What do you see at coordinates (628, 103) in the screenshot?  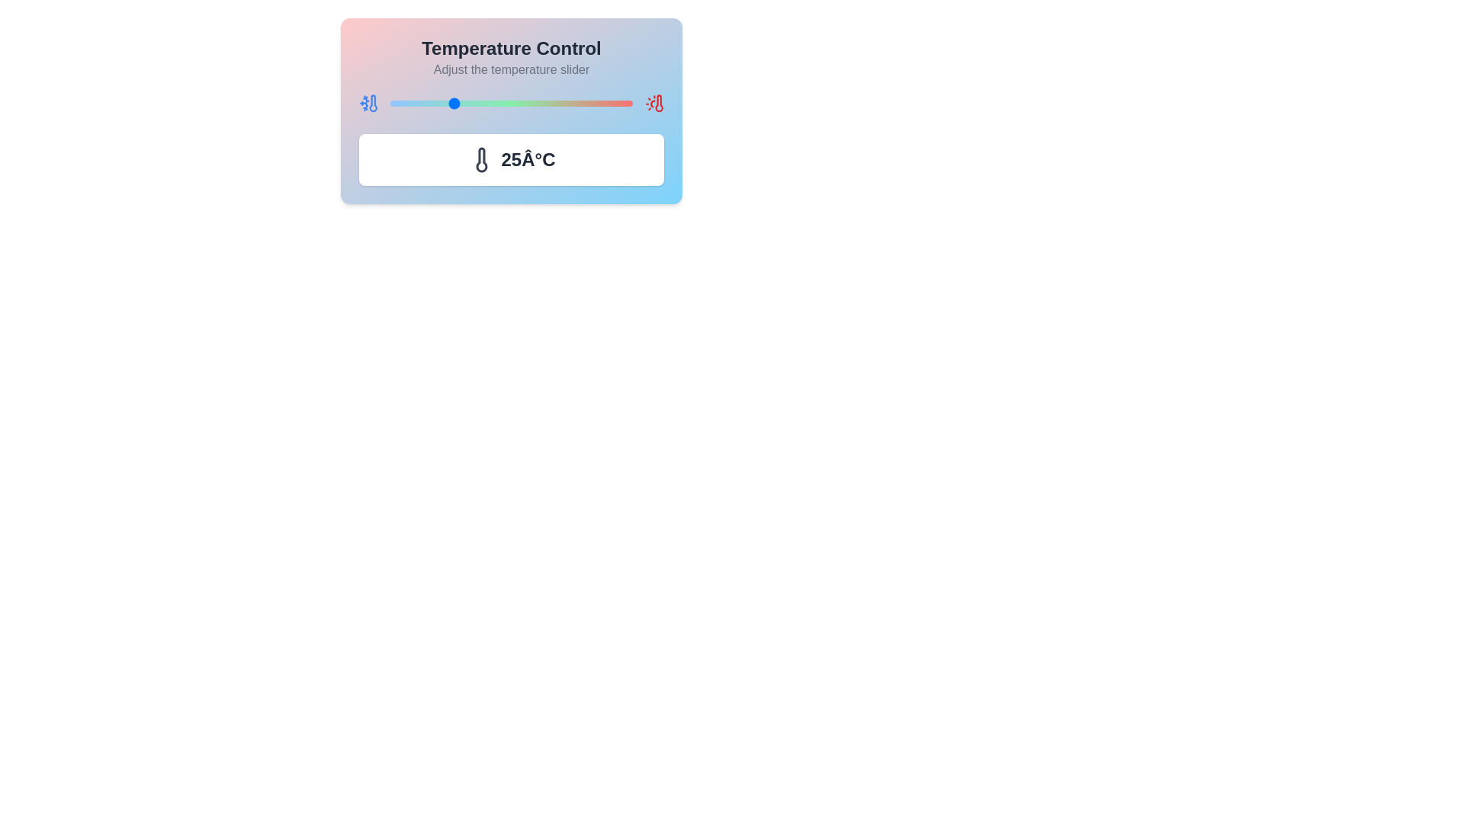 I see `the temperature to 98°C by adjusting the slider` at bounding box center [628, 103].